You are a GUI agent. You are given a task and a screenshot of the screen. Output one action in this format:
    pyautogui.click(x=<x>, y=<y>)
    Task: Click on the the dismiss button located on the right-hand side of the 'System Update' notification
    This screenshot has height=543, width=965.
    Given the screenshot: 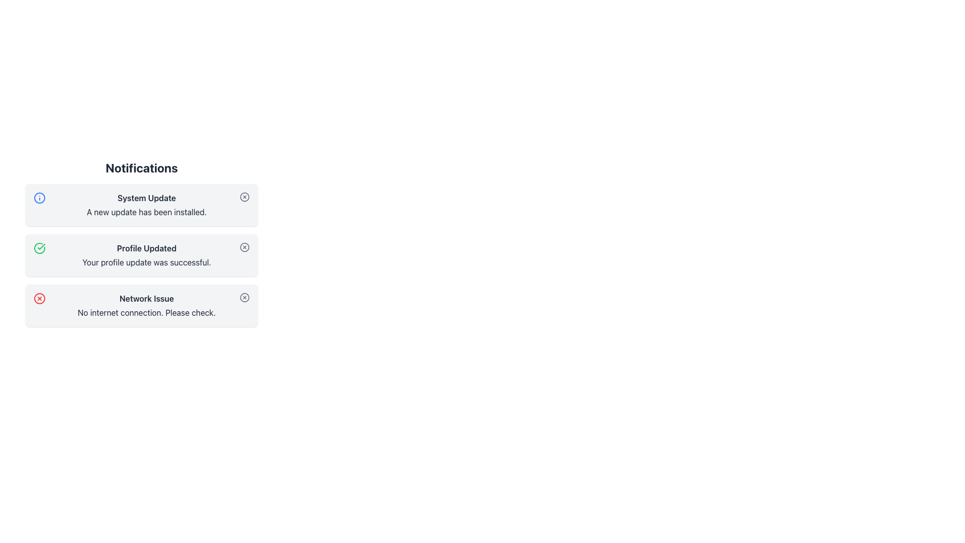 What is the action you would take?
    pyautogui.click(x=244, y=197)
    